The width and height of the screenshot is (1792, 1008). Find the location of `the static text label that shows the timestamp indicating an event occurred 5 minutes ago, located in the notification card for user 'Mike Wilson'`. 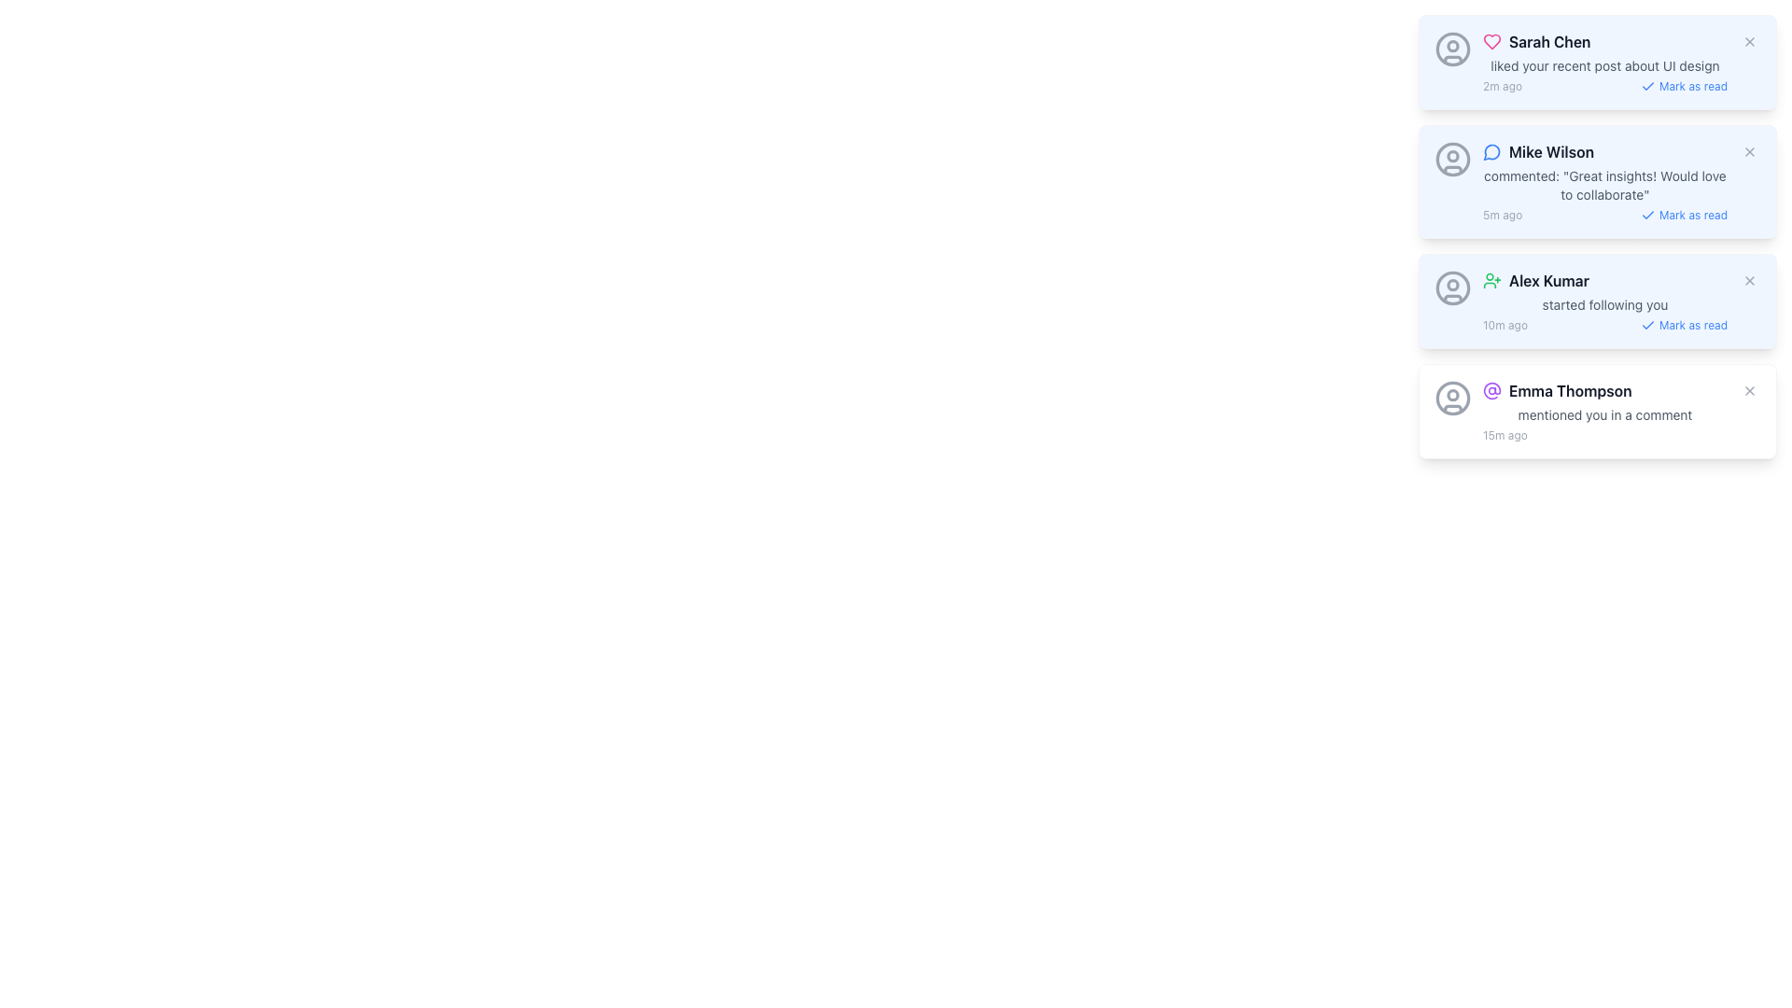

the static text label that shows the timestamp indicating an event occurred 5 minutes ago, located in the notification card for user 'Mike Wilson' is located at coordinates (1503, 215).